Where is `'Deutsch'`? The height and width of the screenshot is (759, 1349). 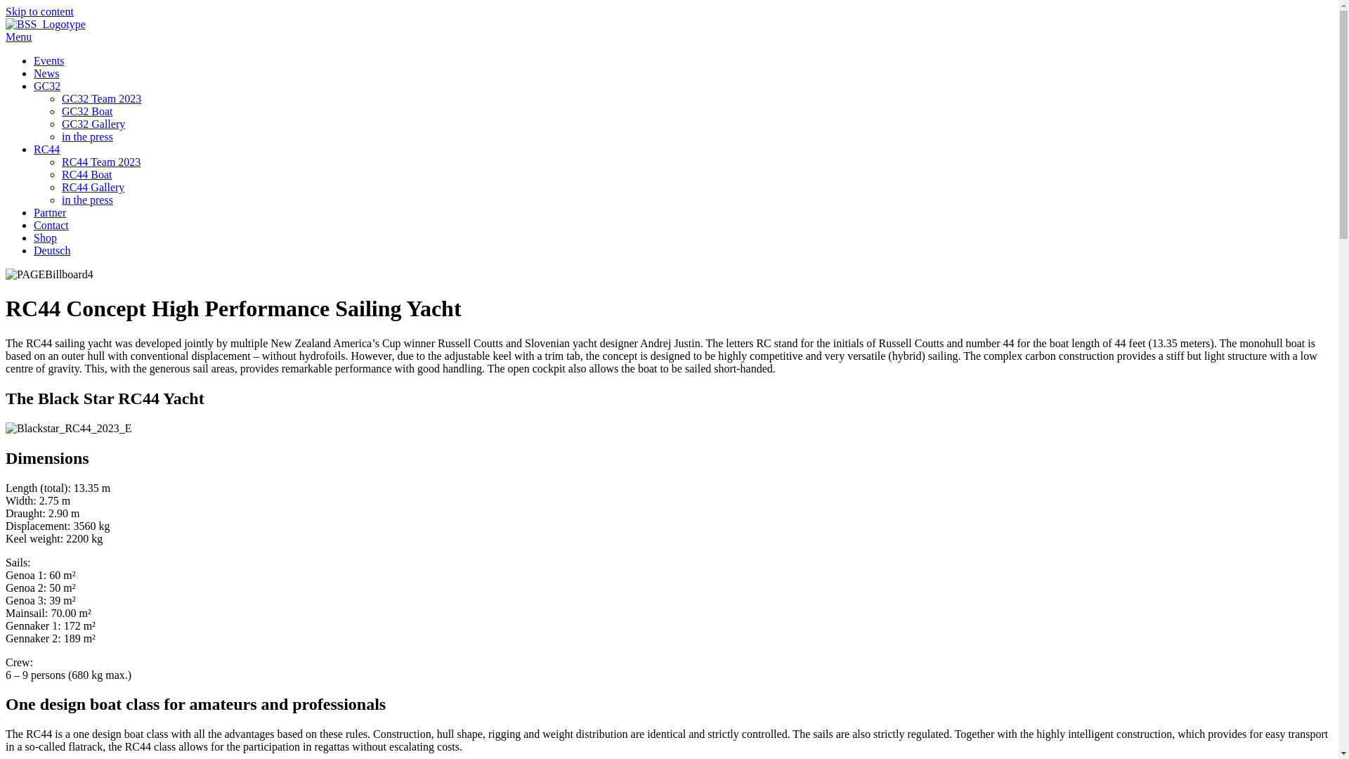 'Deutsch' is located at coordinates (51, 249).